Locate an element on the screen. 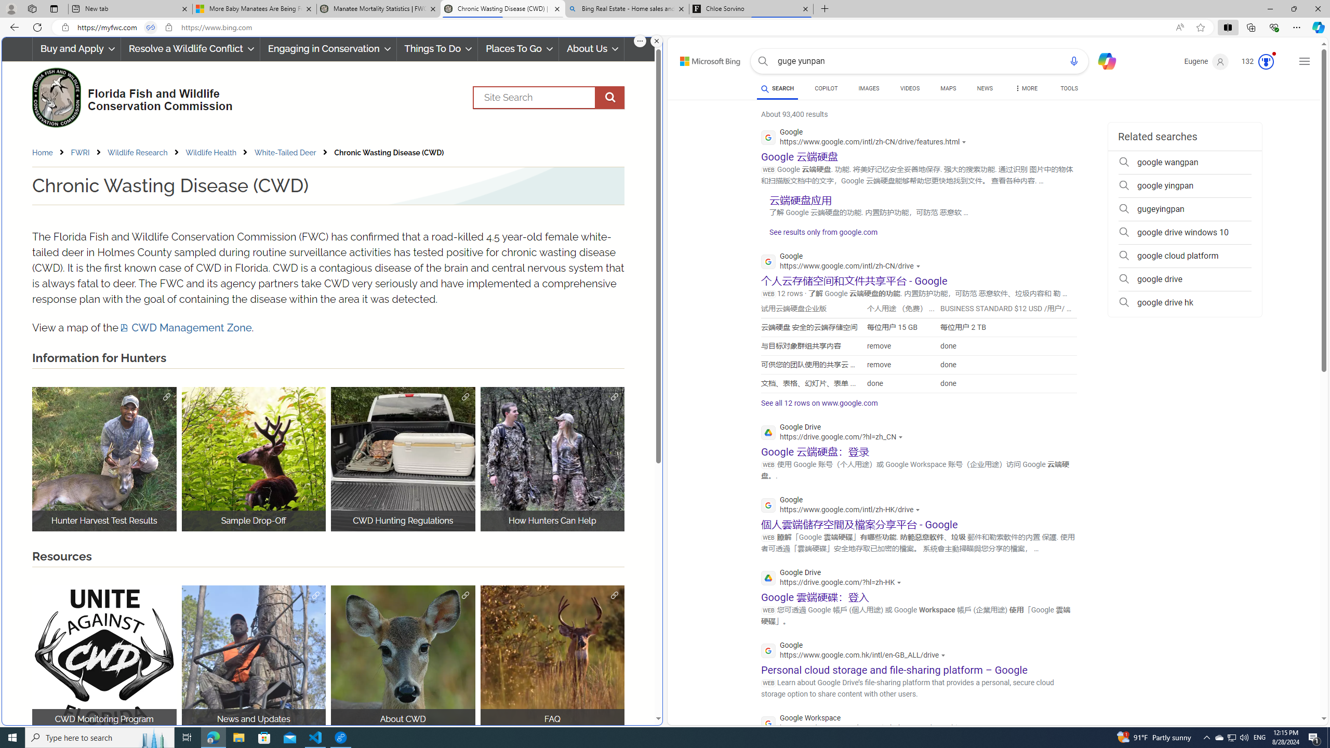  'Places To Go' is located at coordinates (517, 48).